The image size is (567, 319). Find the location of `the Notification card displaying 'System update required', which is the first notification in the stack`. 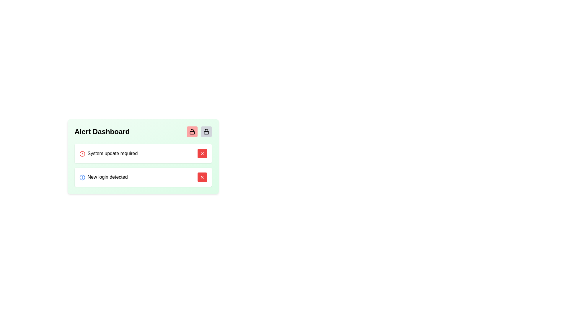

the Notification card displaying 'System update required', which is the first notification in the stack is located at coordinates (143, 153).